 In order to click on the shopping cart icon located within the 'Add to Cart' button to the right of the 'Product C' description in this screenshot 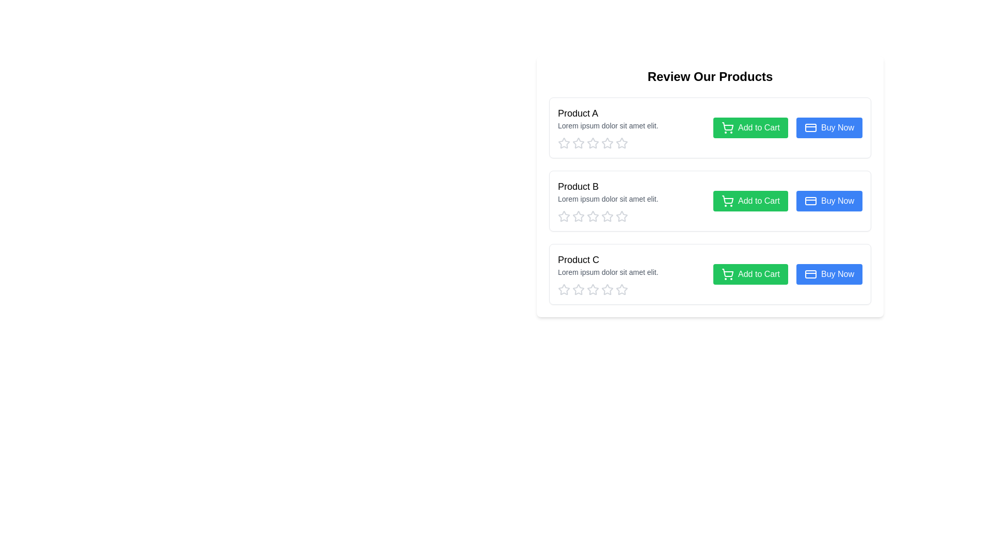, I will do `click(727, 274)`.